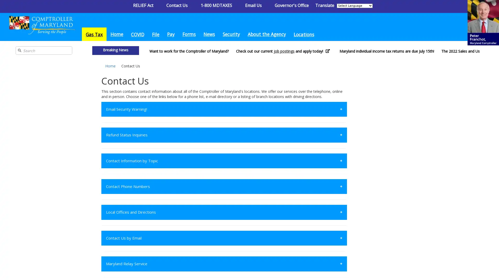 The width and height of the screenshot is (499, 280). What do you see at coordinates (224, 135) in the screenshot?
I see `Refund Status Inquiries +` at bounding box center [224, 135].